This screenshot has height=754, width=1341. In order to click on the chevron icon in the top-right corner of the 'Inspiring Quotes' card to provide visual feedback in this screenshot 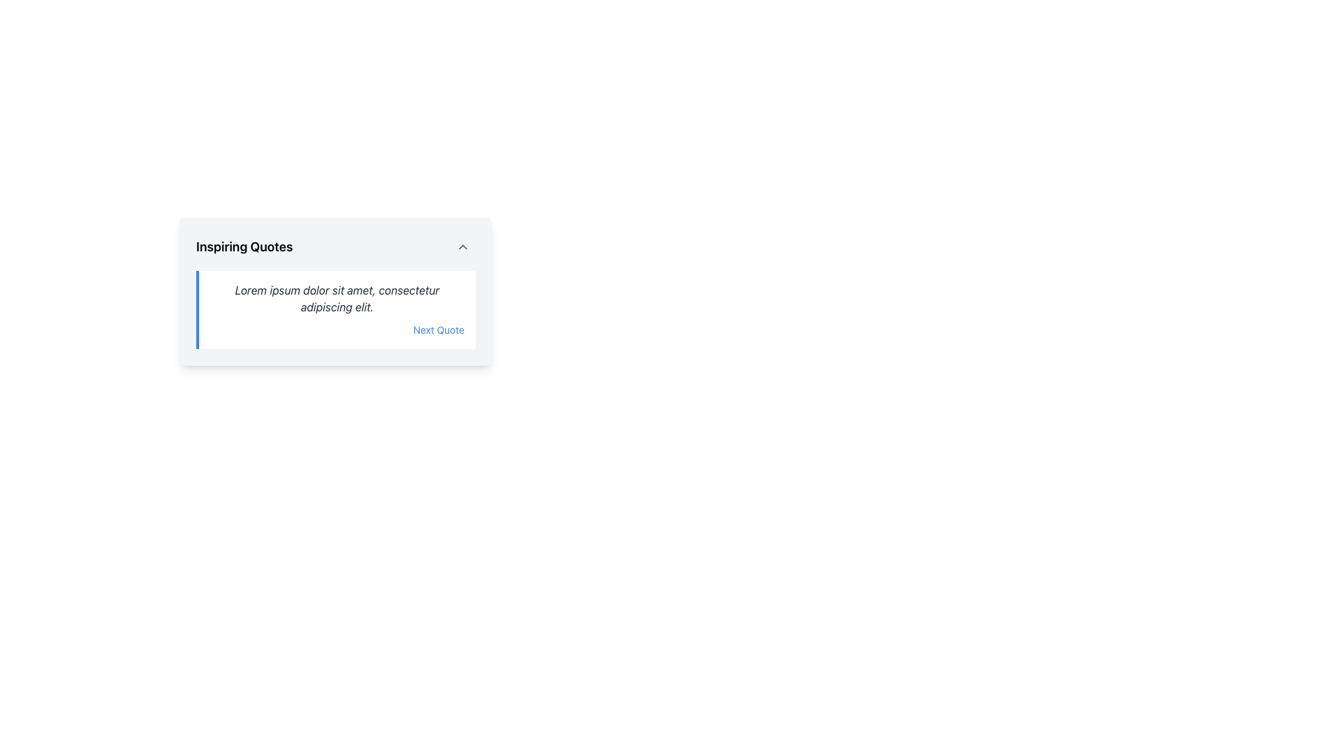, I will do `click(462, 246)`.